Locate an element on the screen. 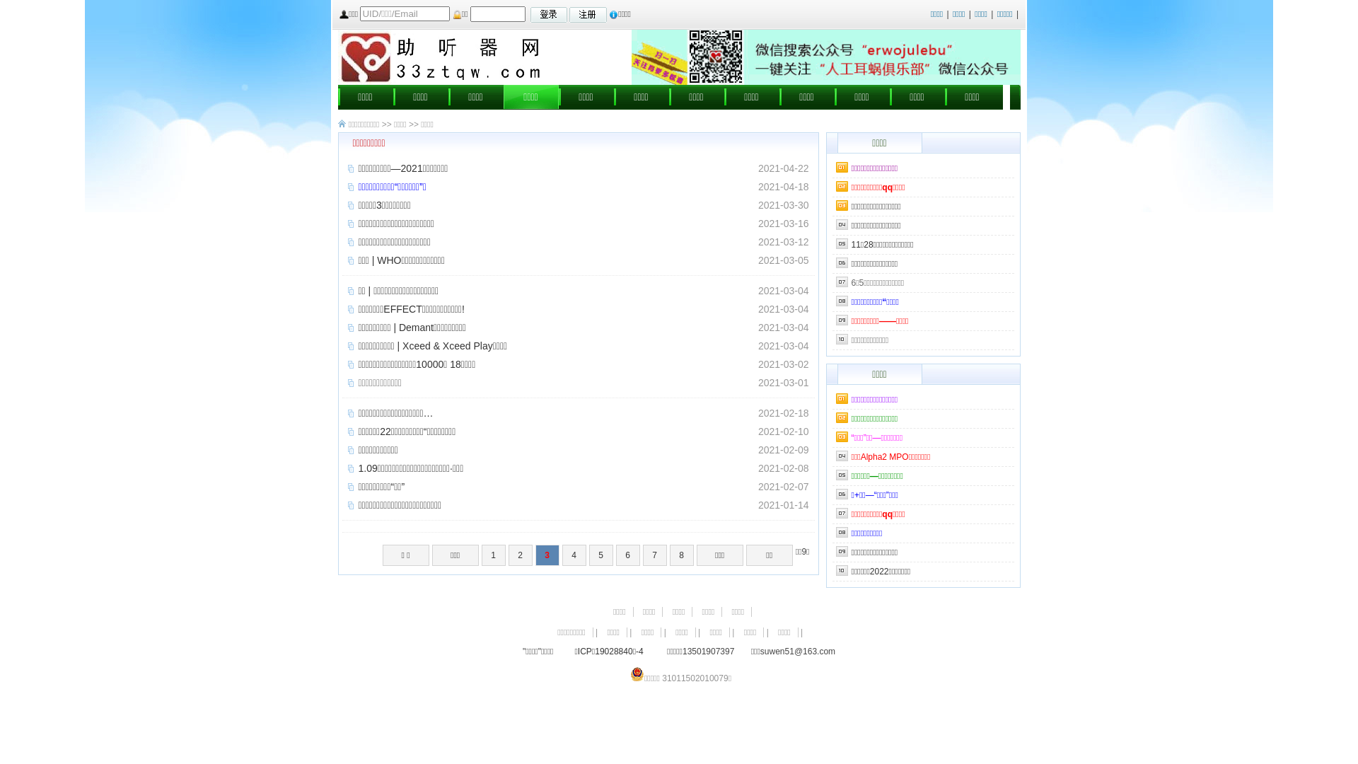 The image size is (1358, 764). '6' is located at coordinates (615, 555).